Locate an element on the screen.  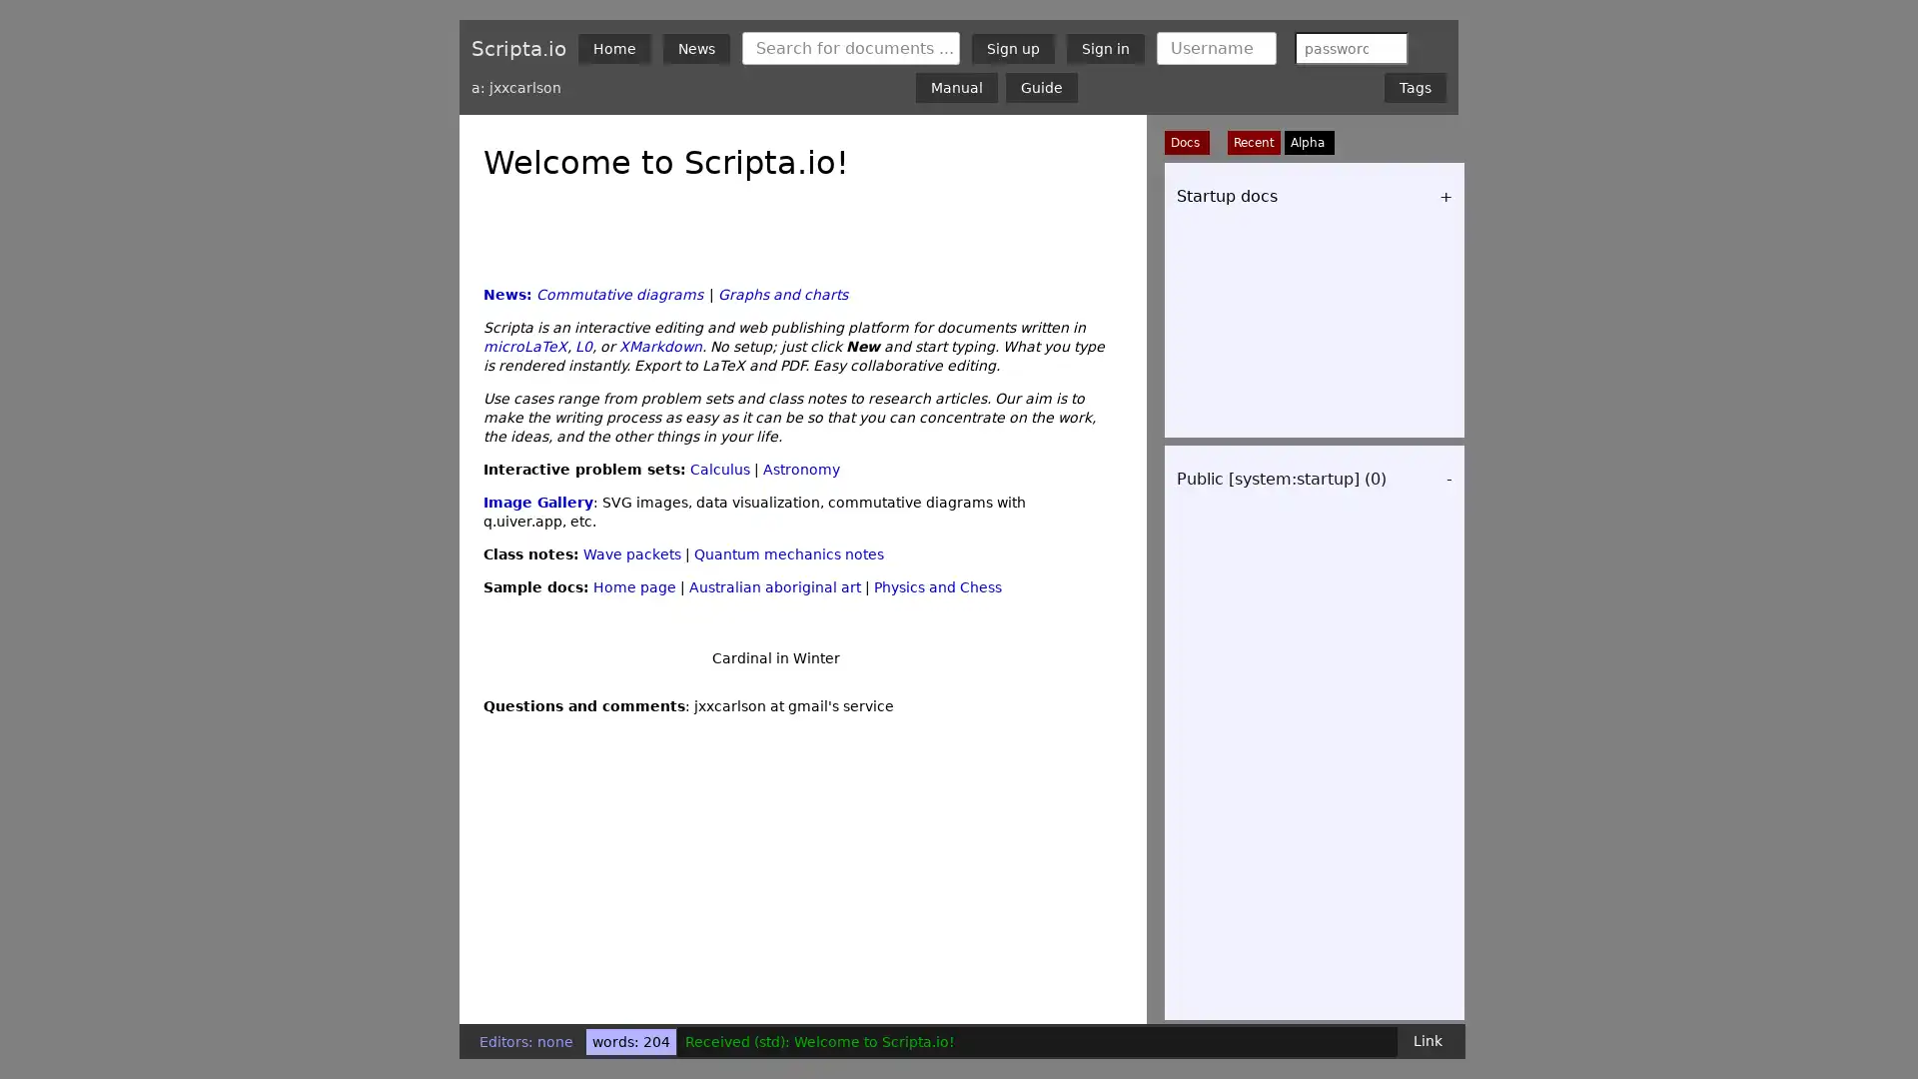
Tags List documents by tag is located at coordinates (1414, 87).